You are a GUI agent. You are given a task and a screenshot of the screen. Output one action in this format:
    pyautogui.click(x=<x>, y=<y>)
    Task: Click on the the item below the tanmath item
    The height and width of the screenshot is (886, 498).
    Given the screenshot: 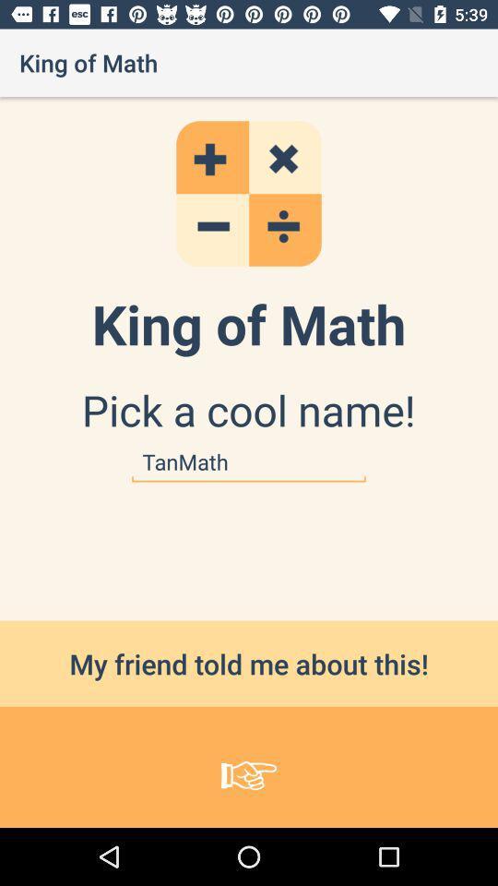 What is the action you would take?
    pyautogui.click(x=249, y=664)
    